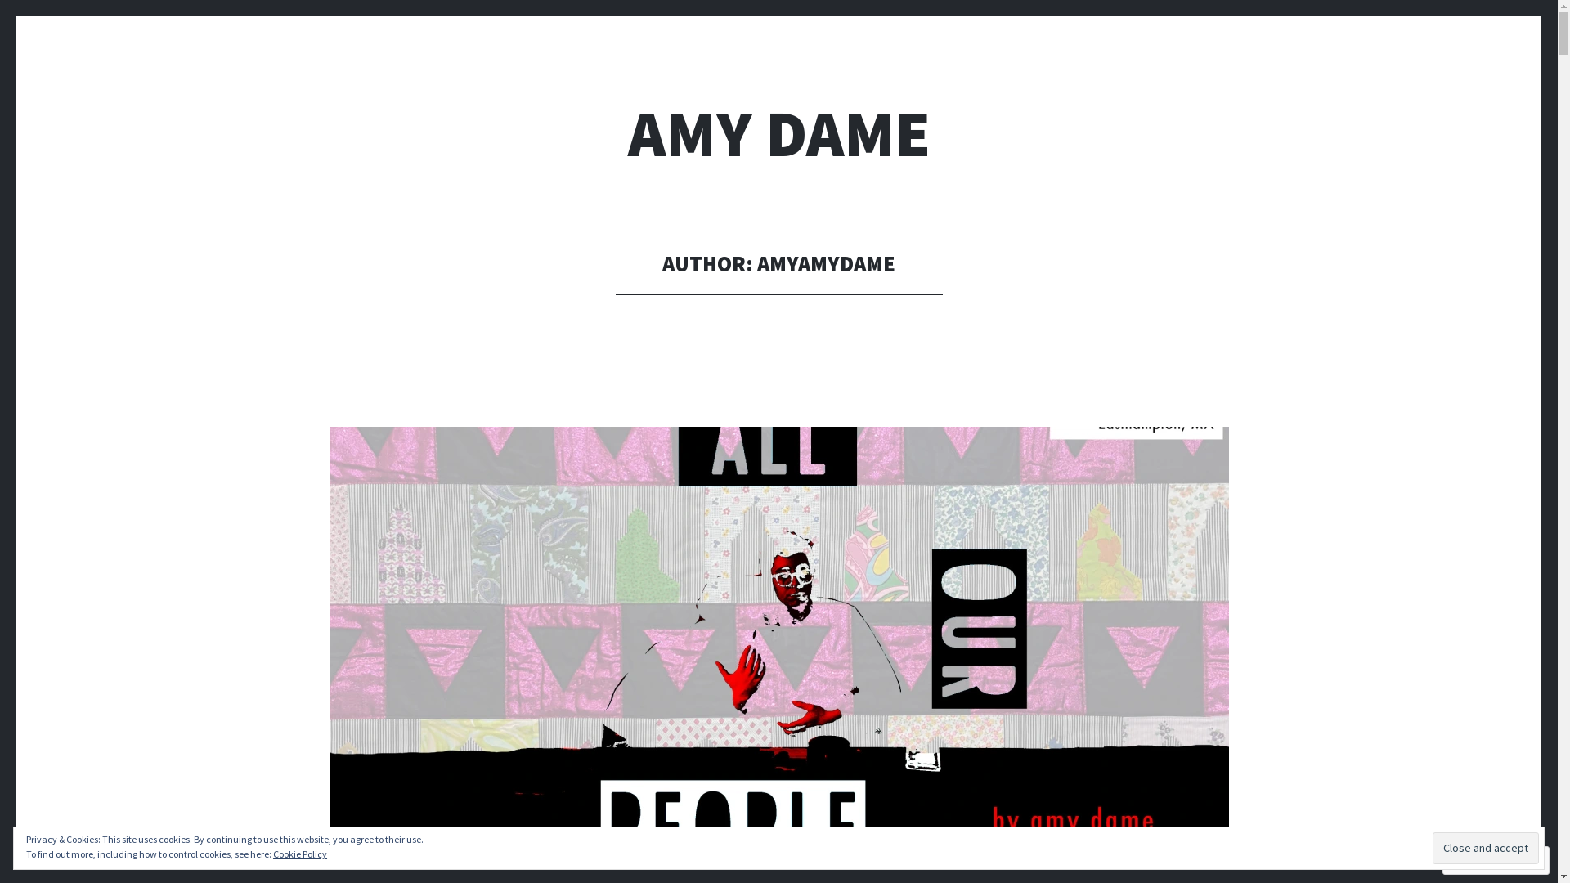 The width and height of the screenshot is (1570, 883). I want to click on 'Cookie Policy', so click(299, 853).